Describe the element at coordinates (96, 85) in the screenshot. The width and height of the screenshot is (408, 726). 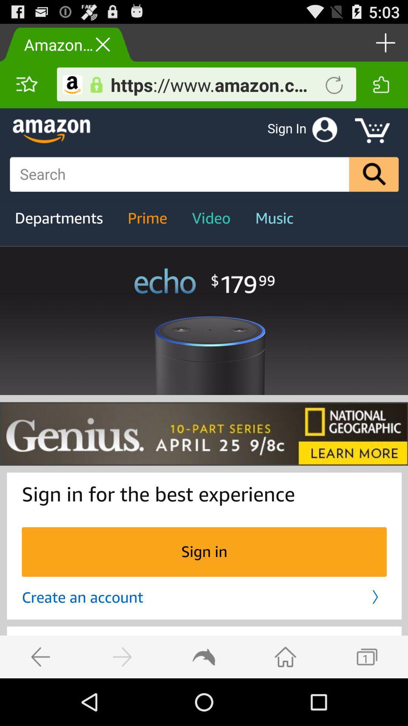
I see `loct the file` at that location.